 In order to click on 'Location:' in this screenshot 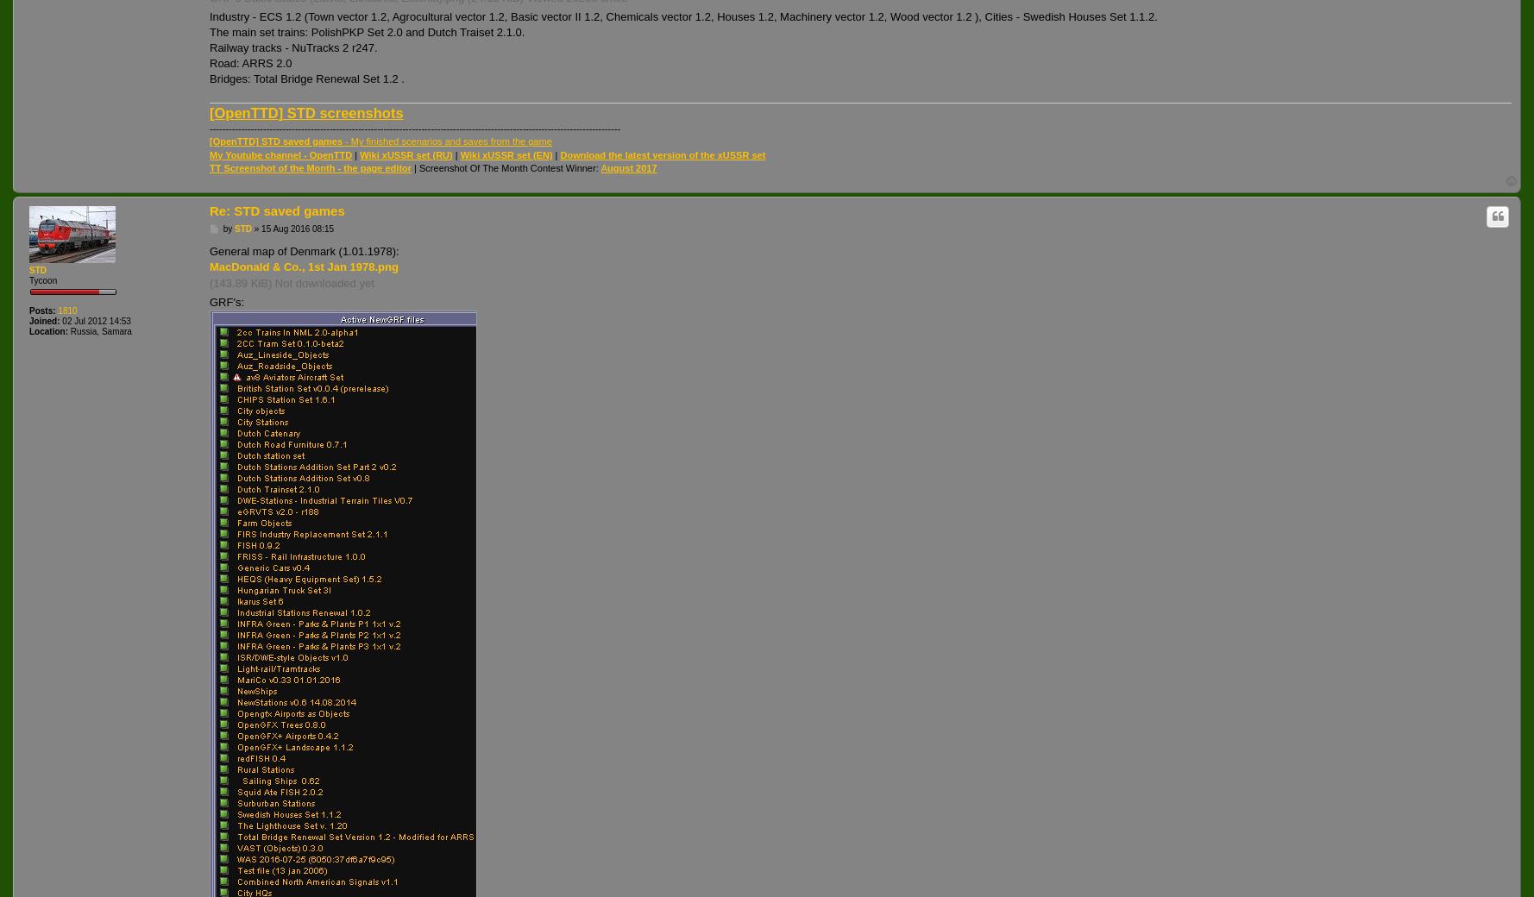, I will do `click(48, 330)`.